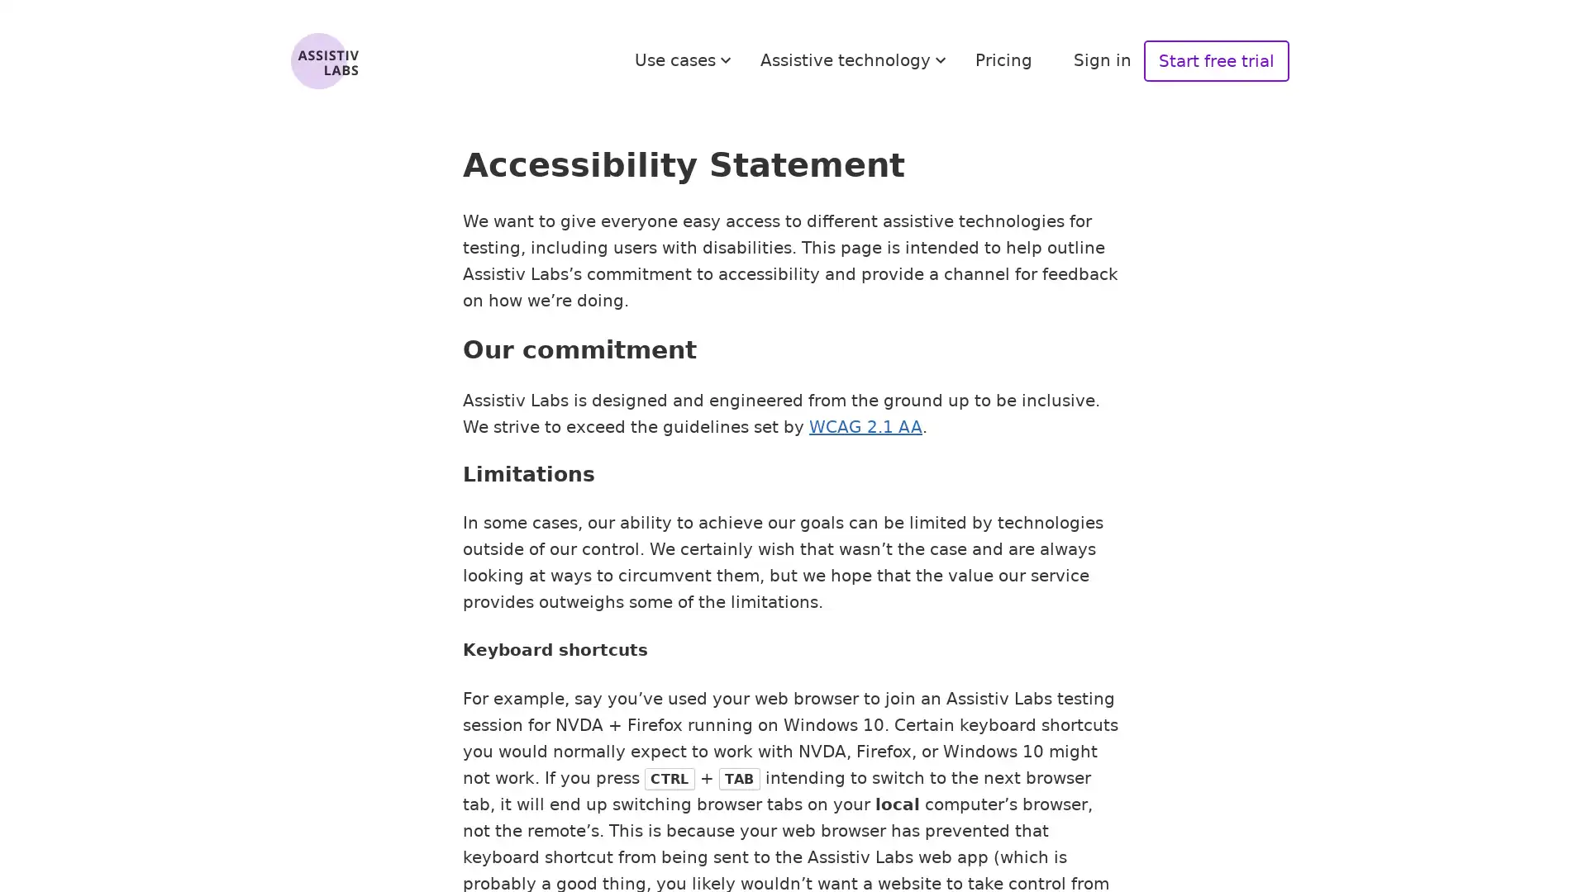 This screenshot has height=892, width=1587. What do you see at coordinates (855, 59) in the screenshot?
I see `Assistive technology` at bounding box center [855, 59].